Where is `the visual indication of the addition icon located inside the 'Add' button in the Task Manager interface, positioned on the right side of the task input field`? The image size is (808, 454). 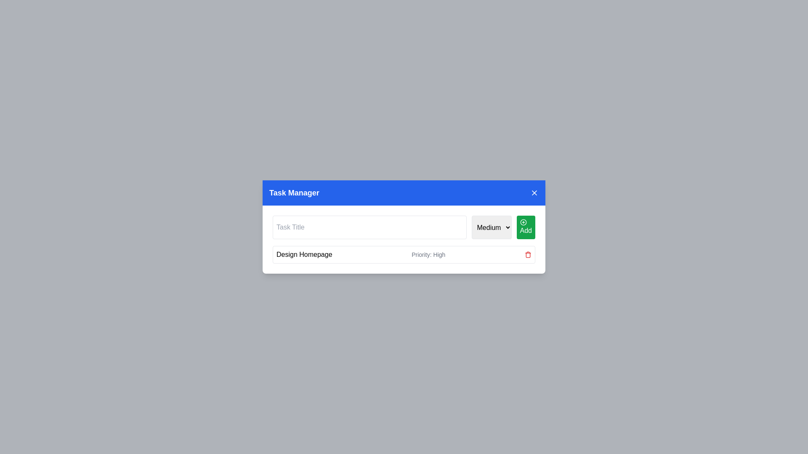
the visual indication of the addition icon located inside the 'Add' button in the Task Manager interface, positioned on the right side of the task input field is located at coordinates (523, 222).